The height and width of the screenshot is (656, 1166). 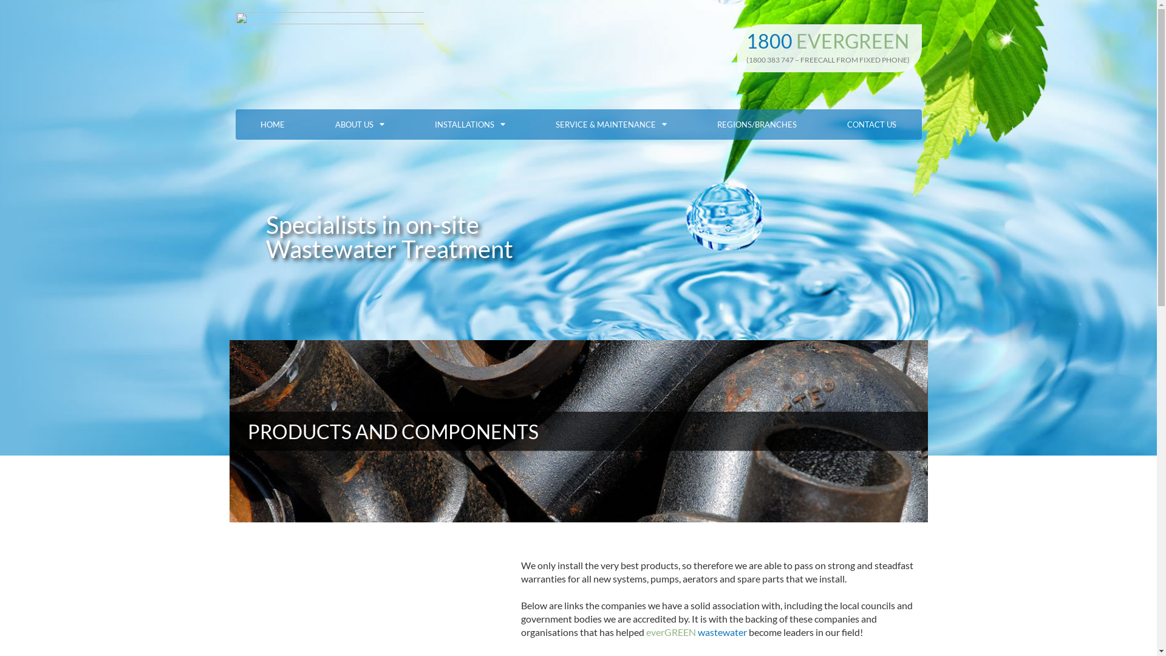 What do you see at coordinates (757, 124) in the screenshot?
I see `'REGIONS/BRANCHES'` at bounding box center [757, 124].